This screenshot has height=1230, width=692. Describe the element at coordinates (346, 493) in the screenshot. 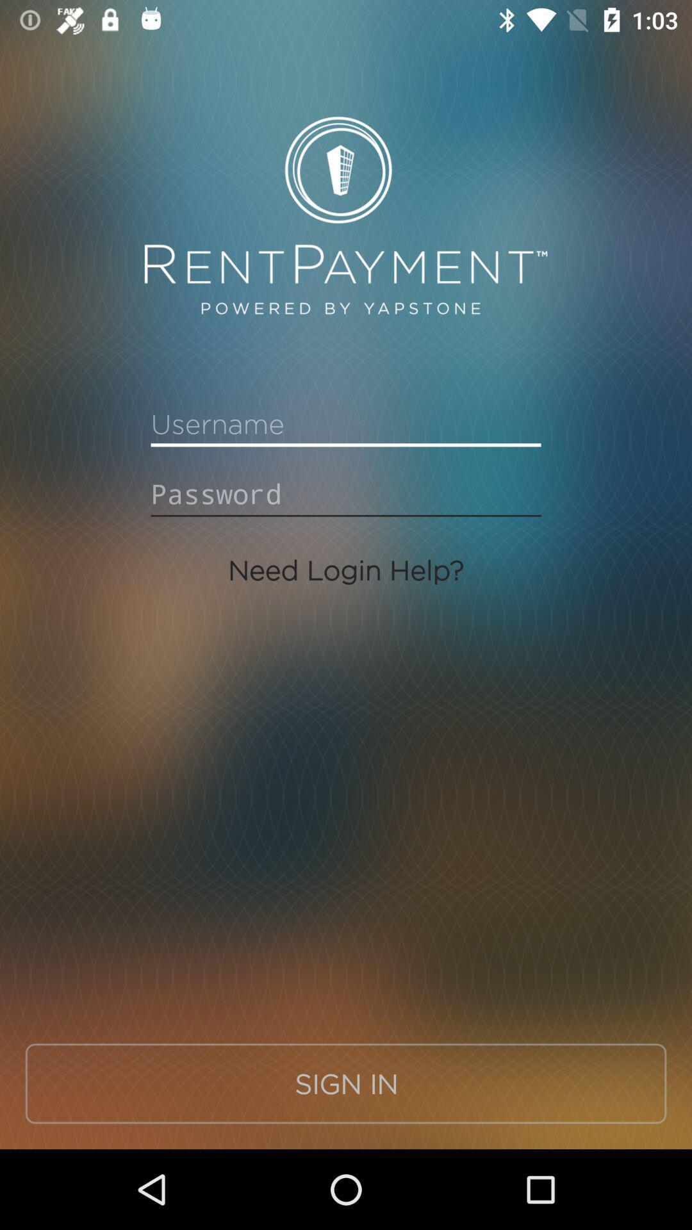

I see `password field` at that location.